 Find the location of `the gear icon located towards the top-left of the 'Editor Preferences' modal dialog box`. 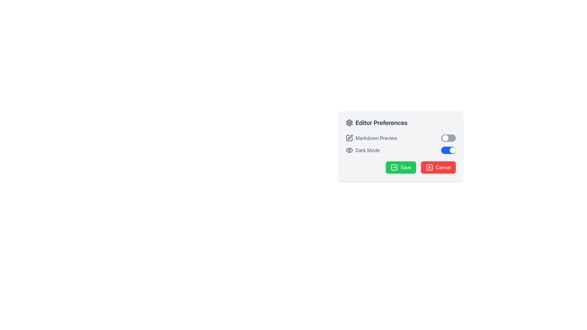

the gear icon located towards the top-left of the 'Editor Preferences' modal dialog box is located at coordinates (349, 123).